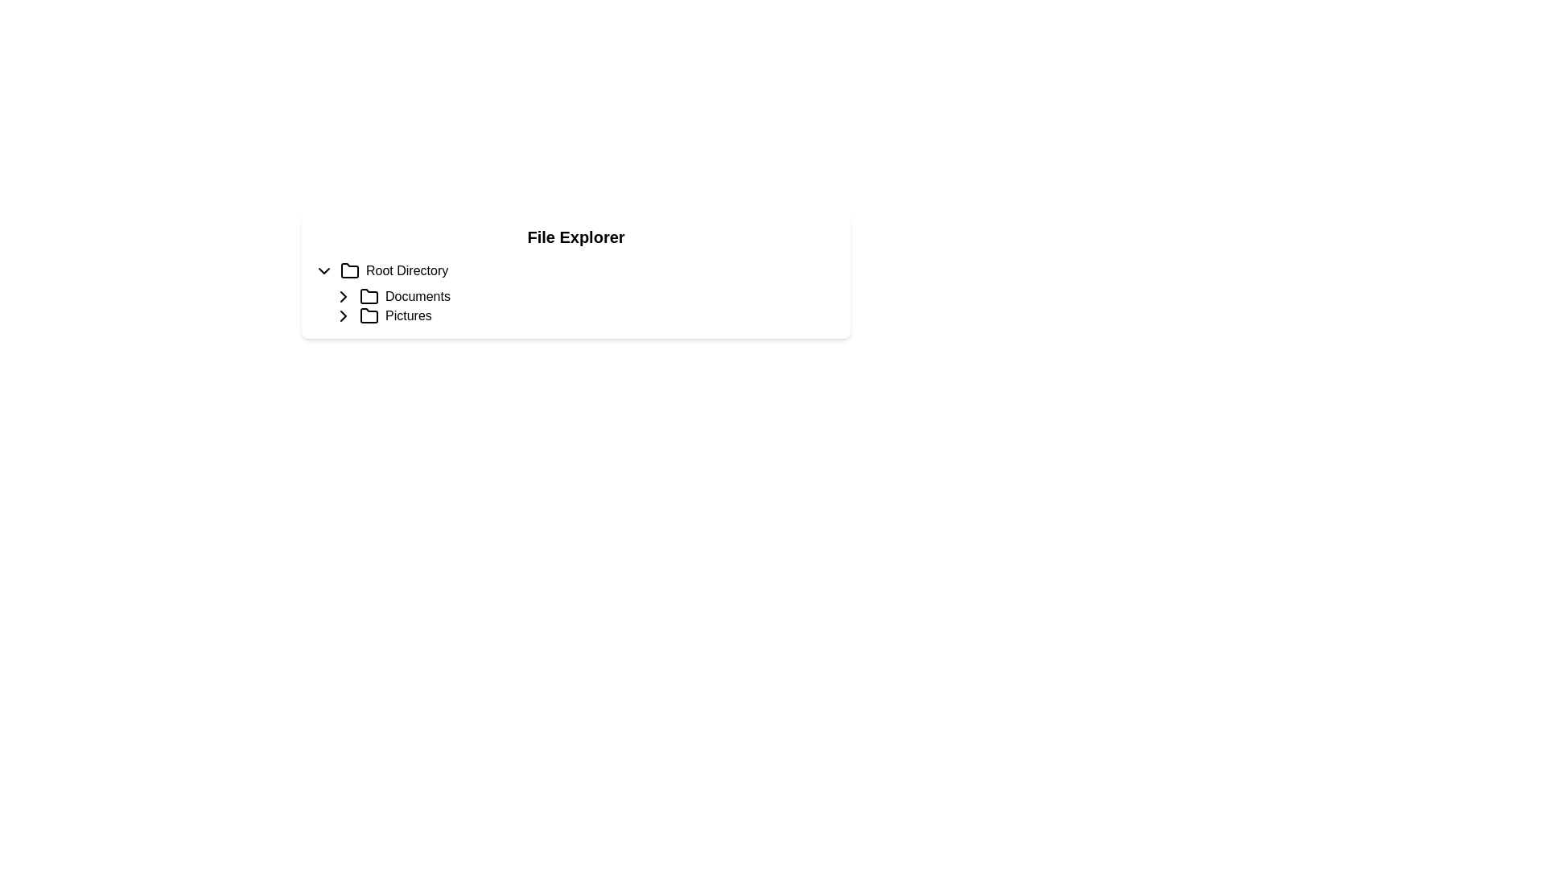  I want to click on the back section of the folder icon located next to the 'Root Directory' label, so click(349, 270).